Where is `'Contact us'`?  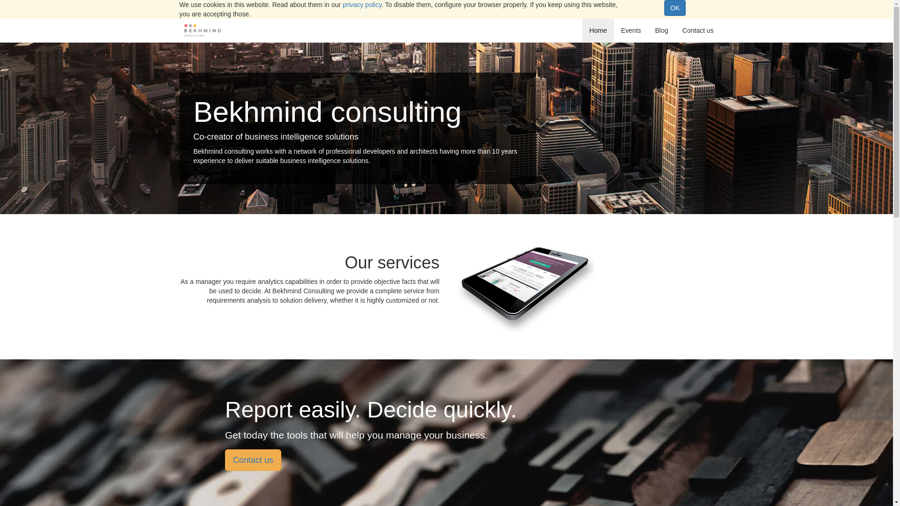
'Contact us' is located at coordinates (675, 30).